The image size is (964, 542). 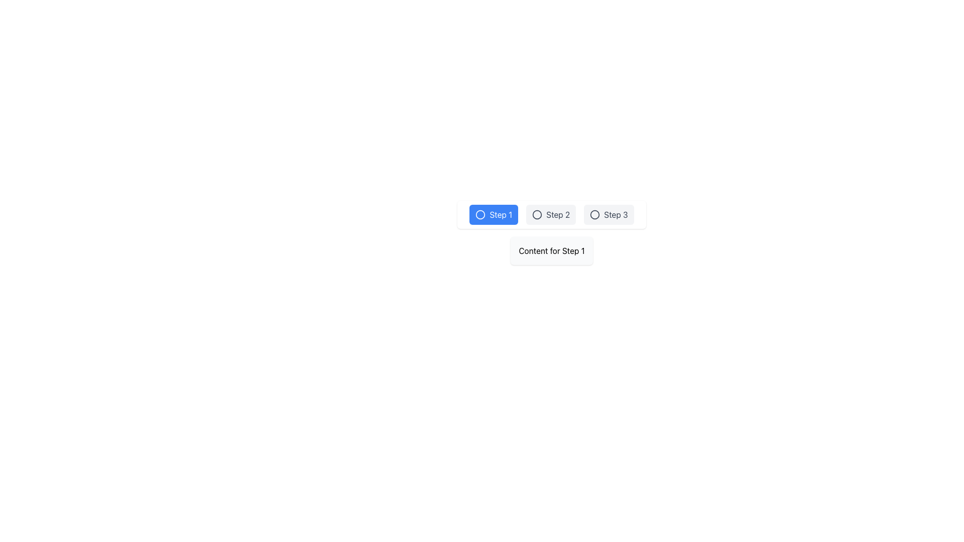 I want to click on the blue button labeled 'Step 1' with a circular icon, so click(x=494, y=214).